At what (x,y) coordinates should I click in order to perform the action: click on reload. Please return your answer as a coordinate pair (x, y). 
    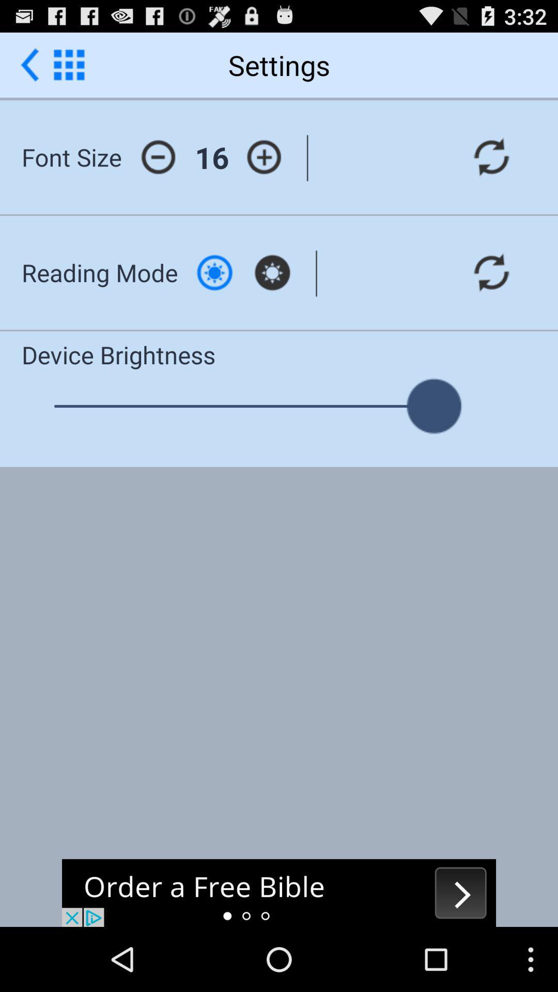
    Looking at the image, I should click on (491, 157).